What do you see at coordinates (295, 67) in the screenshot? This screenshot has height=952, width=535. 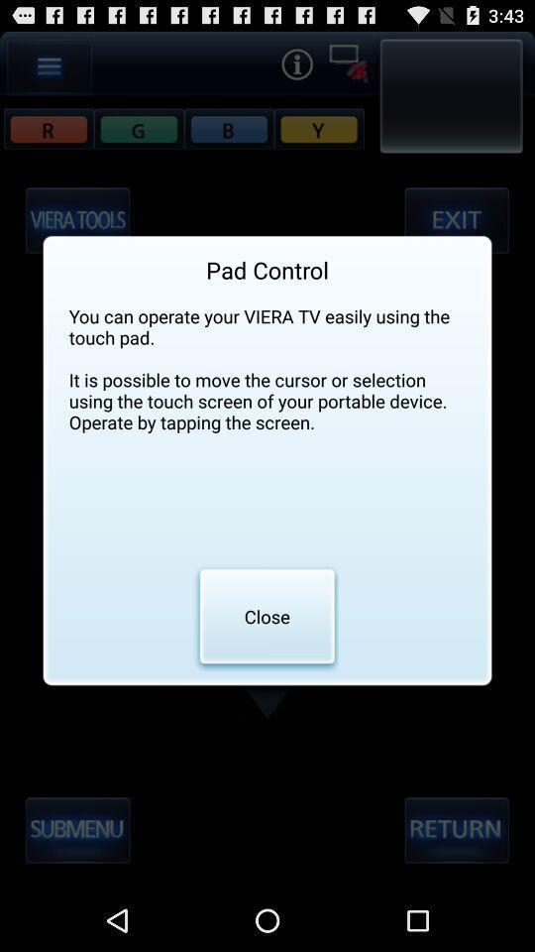 I see `the info icon` at bounding box center [295, 67].